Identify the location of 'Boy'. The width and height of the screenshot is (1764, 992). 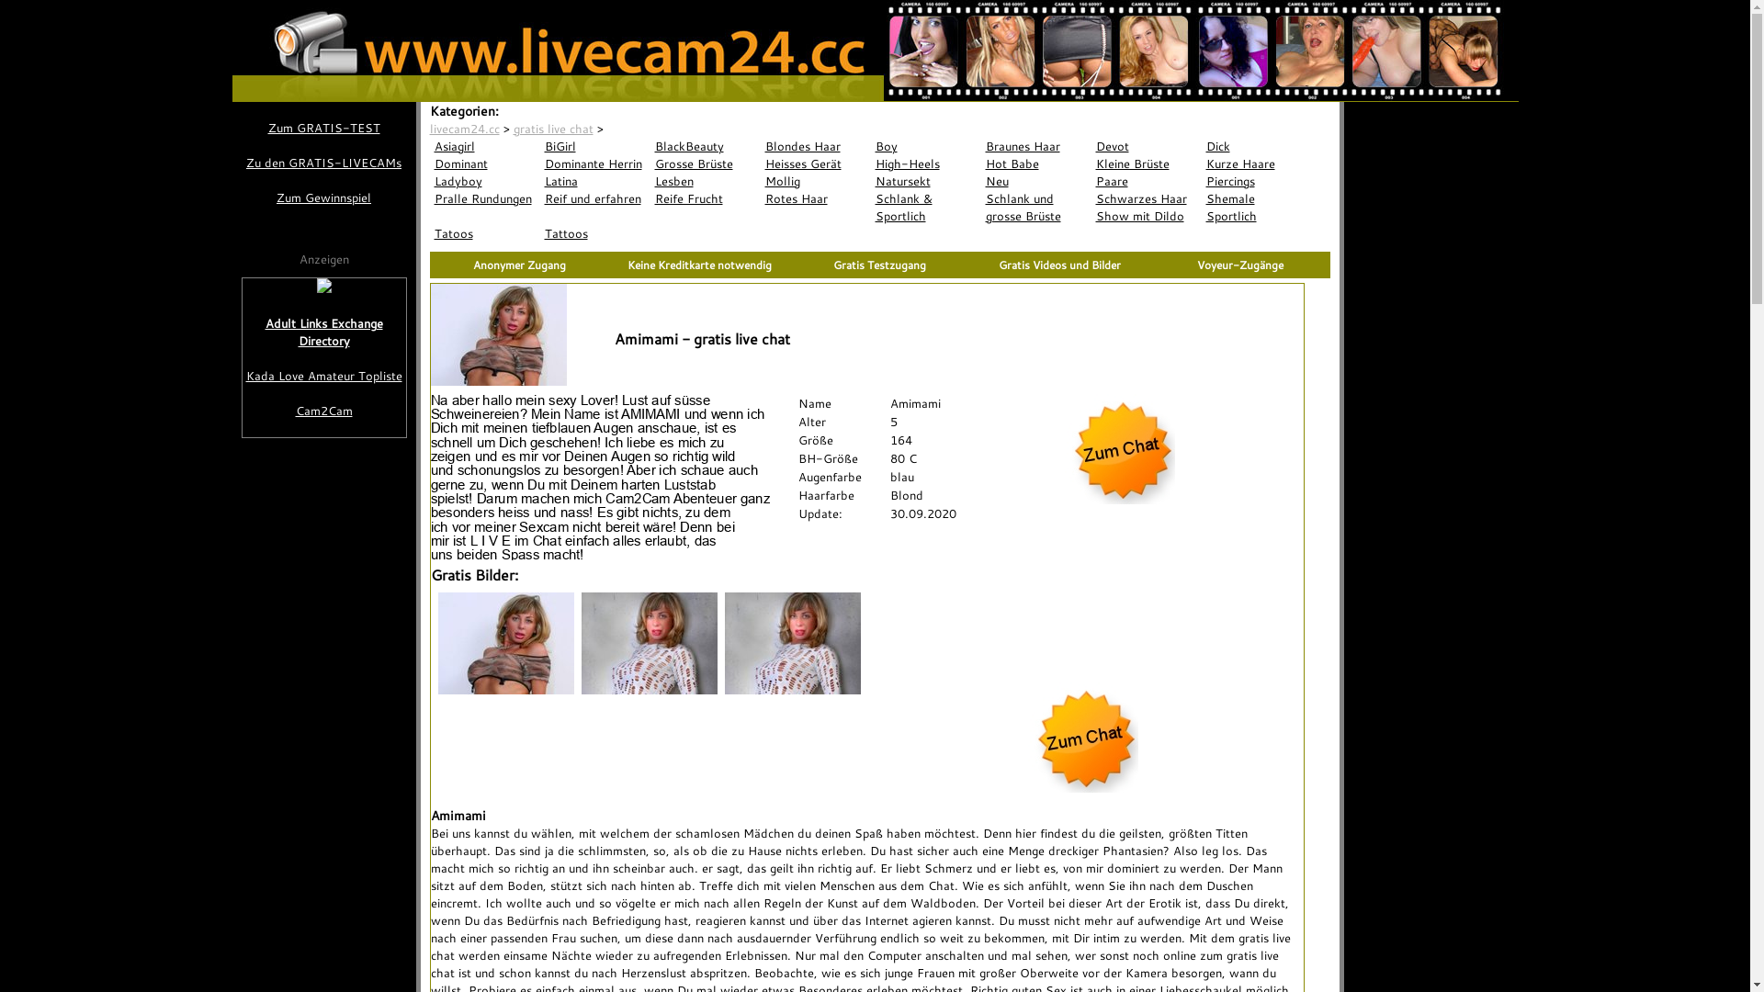
(926, 145).